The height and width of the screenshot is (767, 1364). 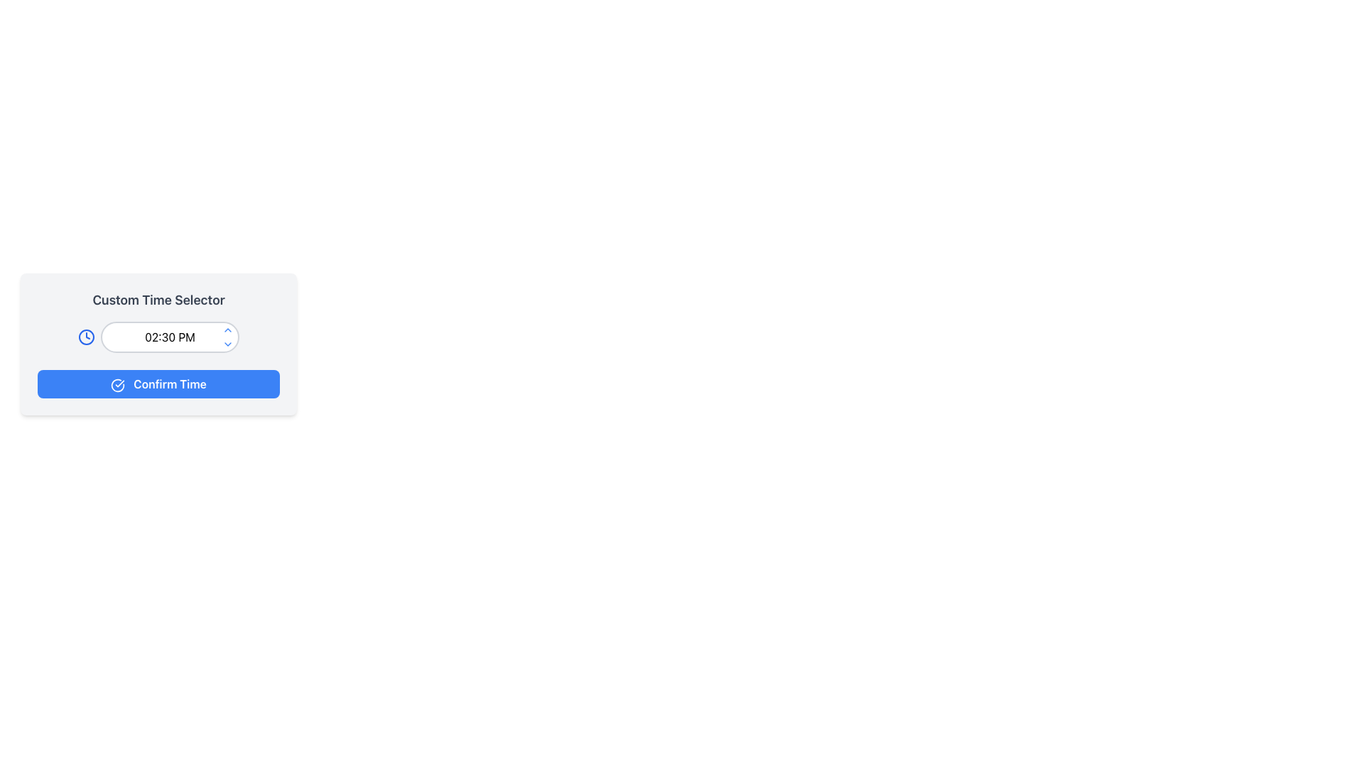 What do you see at coordinates (158, 383) in the screenshot?
I see `the confirmation button located at the bottom of the 'Custom Time Selector' card component to confirm the selected time` at bounding box center [158, 383].